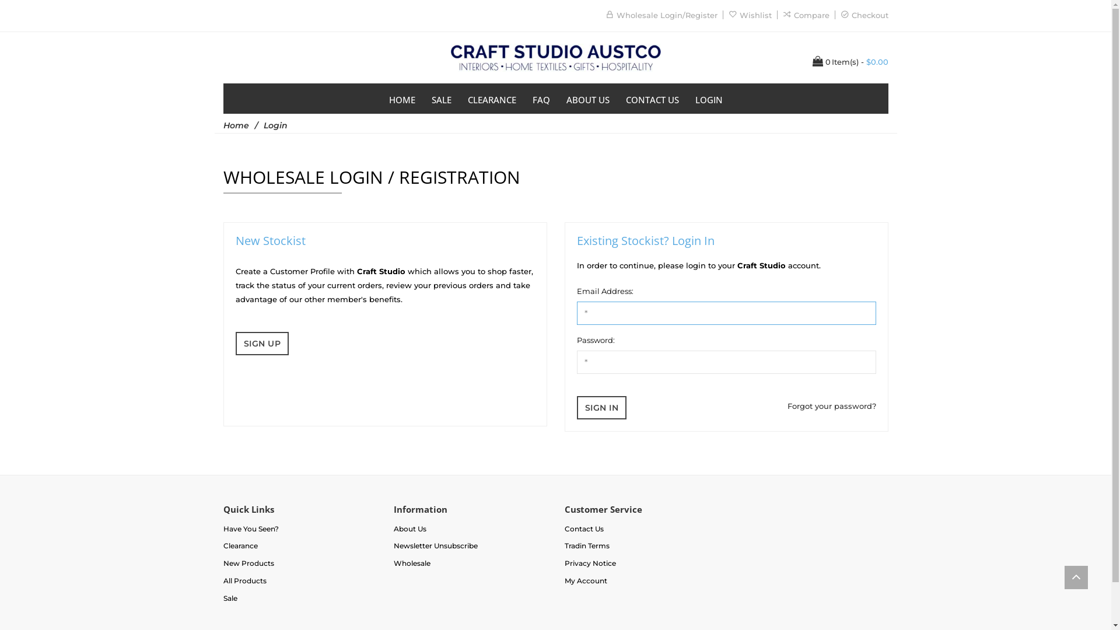 This screenshot has width=1120, height=630. What do you see at coordinates (422, 98) in the screenshot?
I see `'SALE'` at bounding box center [422, 98].